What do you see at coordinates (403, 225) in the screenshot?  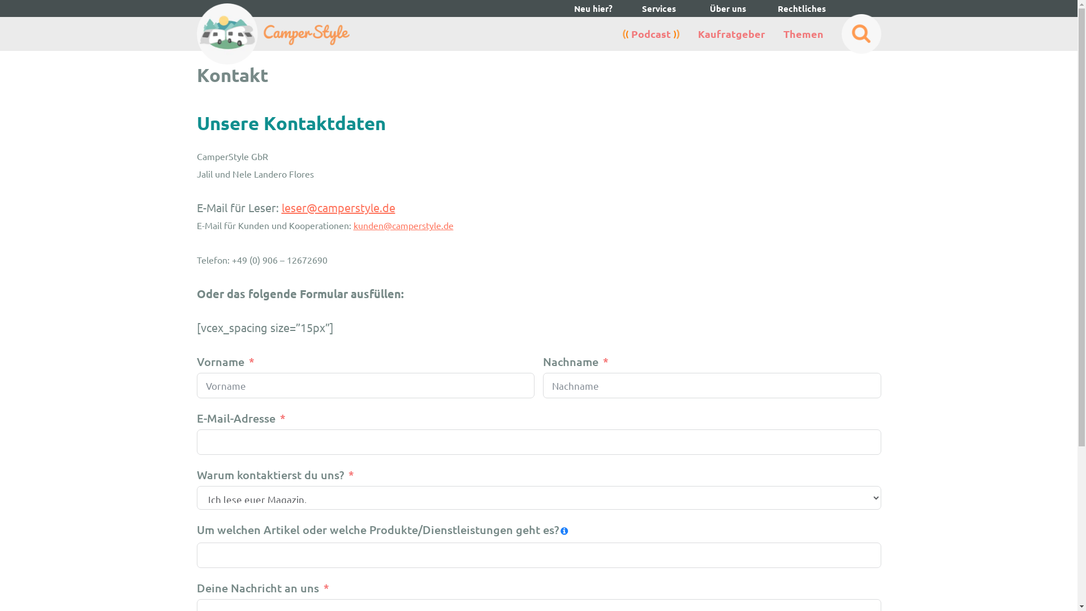 I see `'kunden@camperstyle.de'` at bounding box center [403, 225].